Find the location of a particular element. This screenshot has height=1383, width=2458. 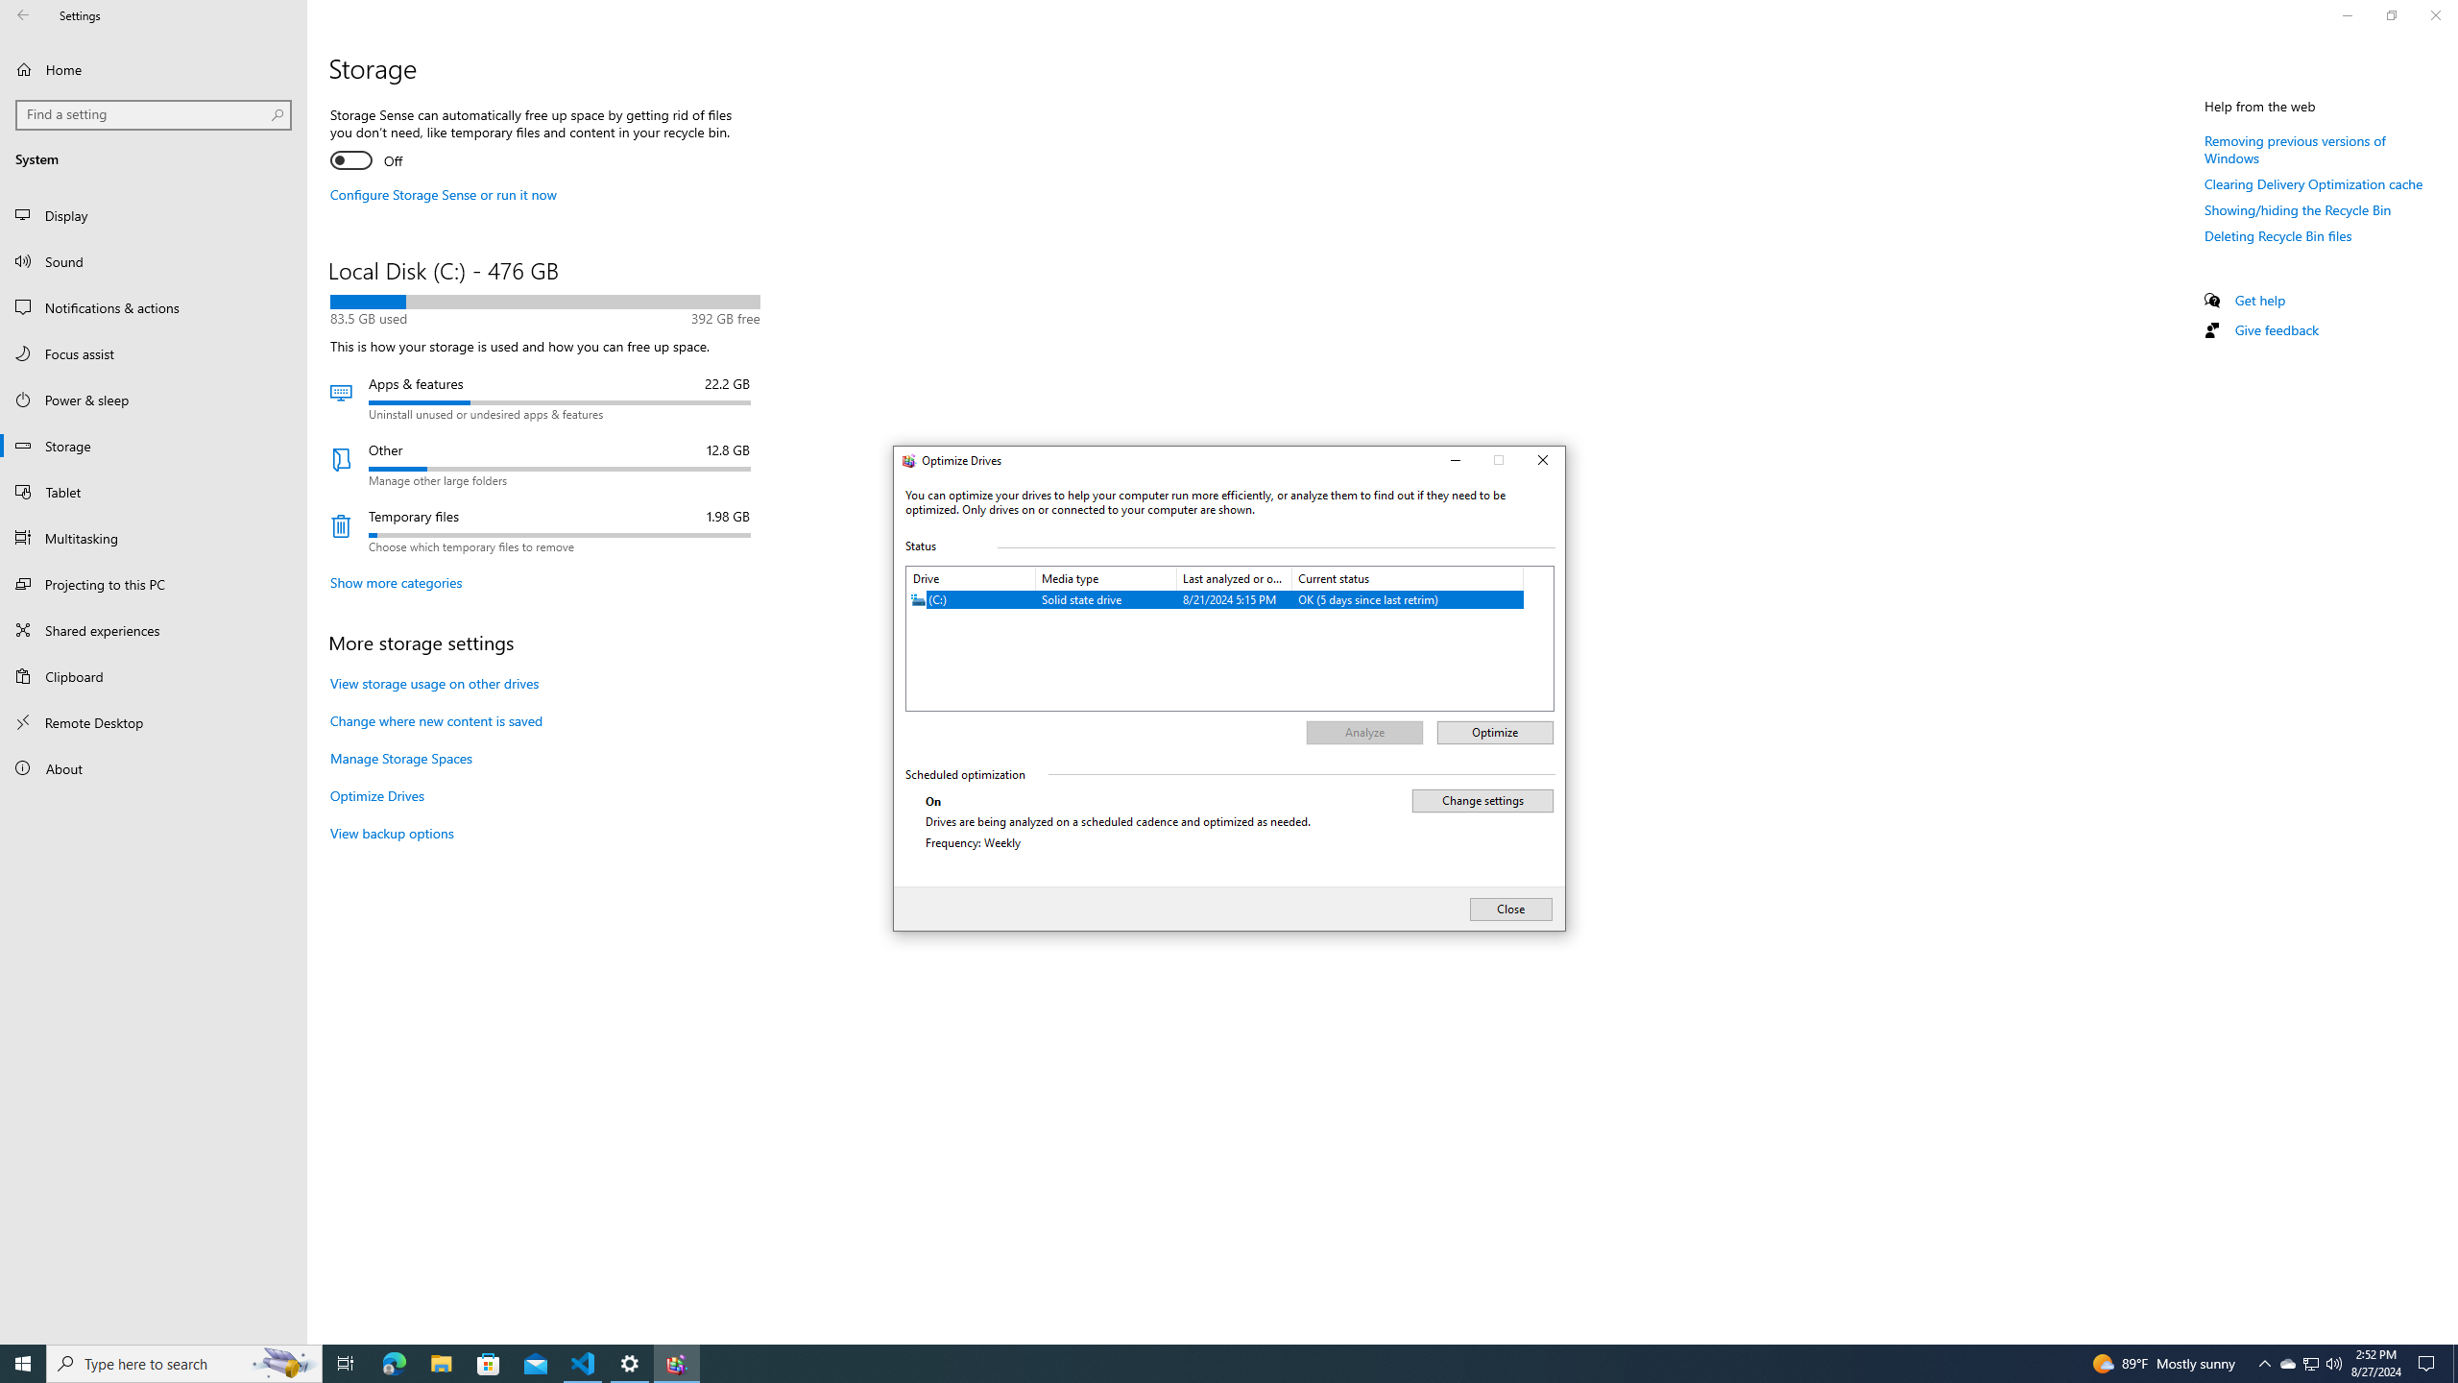

'Analyze' is located at coordinates (1362, 732).